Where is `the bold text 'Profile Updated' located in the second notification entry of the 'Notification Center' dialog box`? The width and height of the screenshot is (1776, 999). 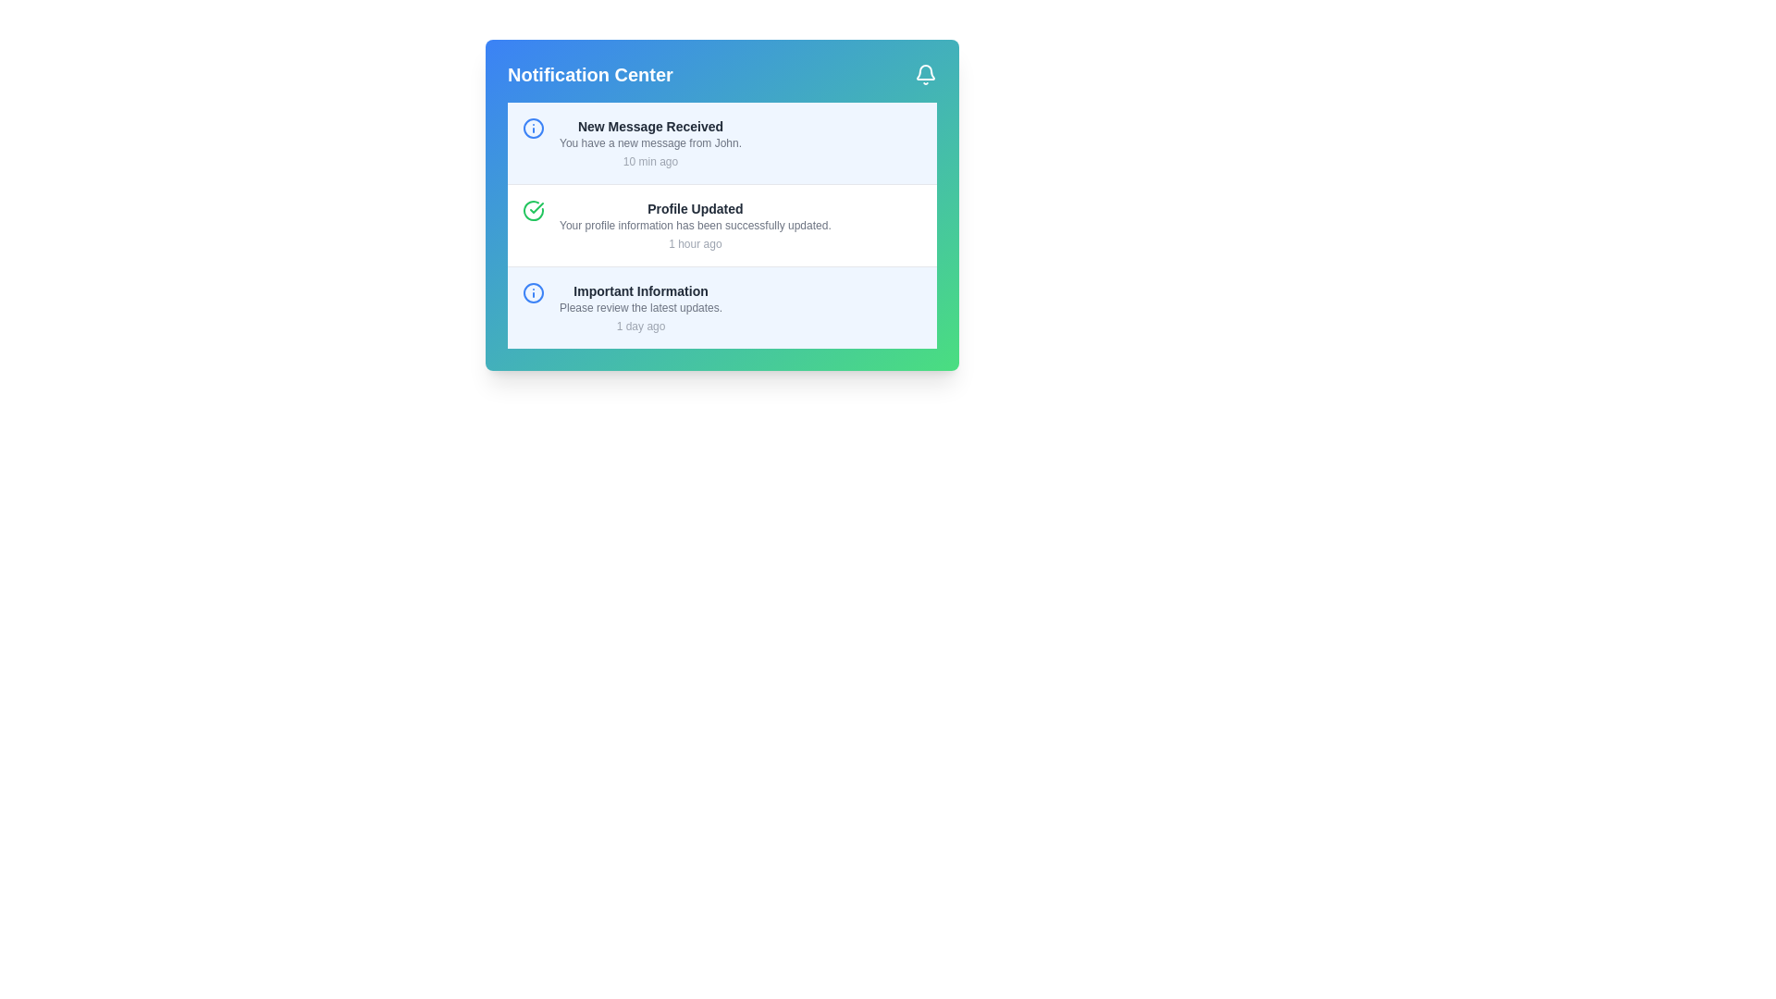 the bold text 'Profile Updated' located in the second notification entry of the 'Notification Center' dialog box is located at coordinates (694, 208).